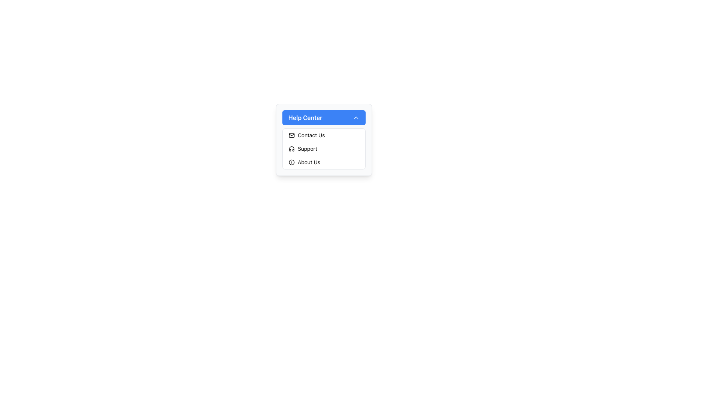 Image resolution: width=720 pixels, height=405 pixels. Describe the element at coordinates (324, 162) in the screenshot. I see `the 'About Us' navigation menu item located in the 'Help Center' section` at that location.